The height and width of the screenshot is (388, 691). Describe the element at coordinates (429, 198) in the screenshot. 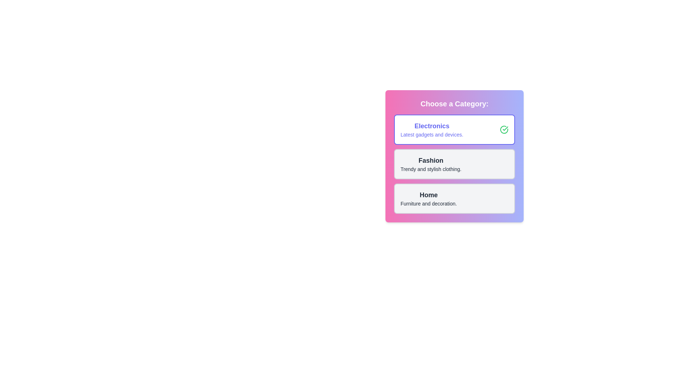

I see `the 'Home' text block, which is the third category option in the list` at that location.